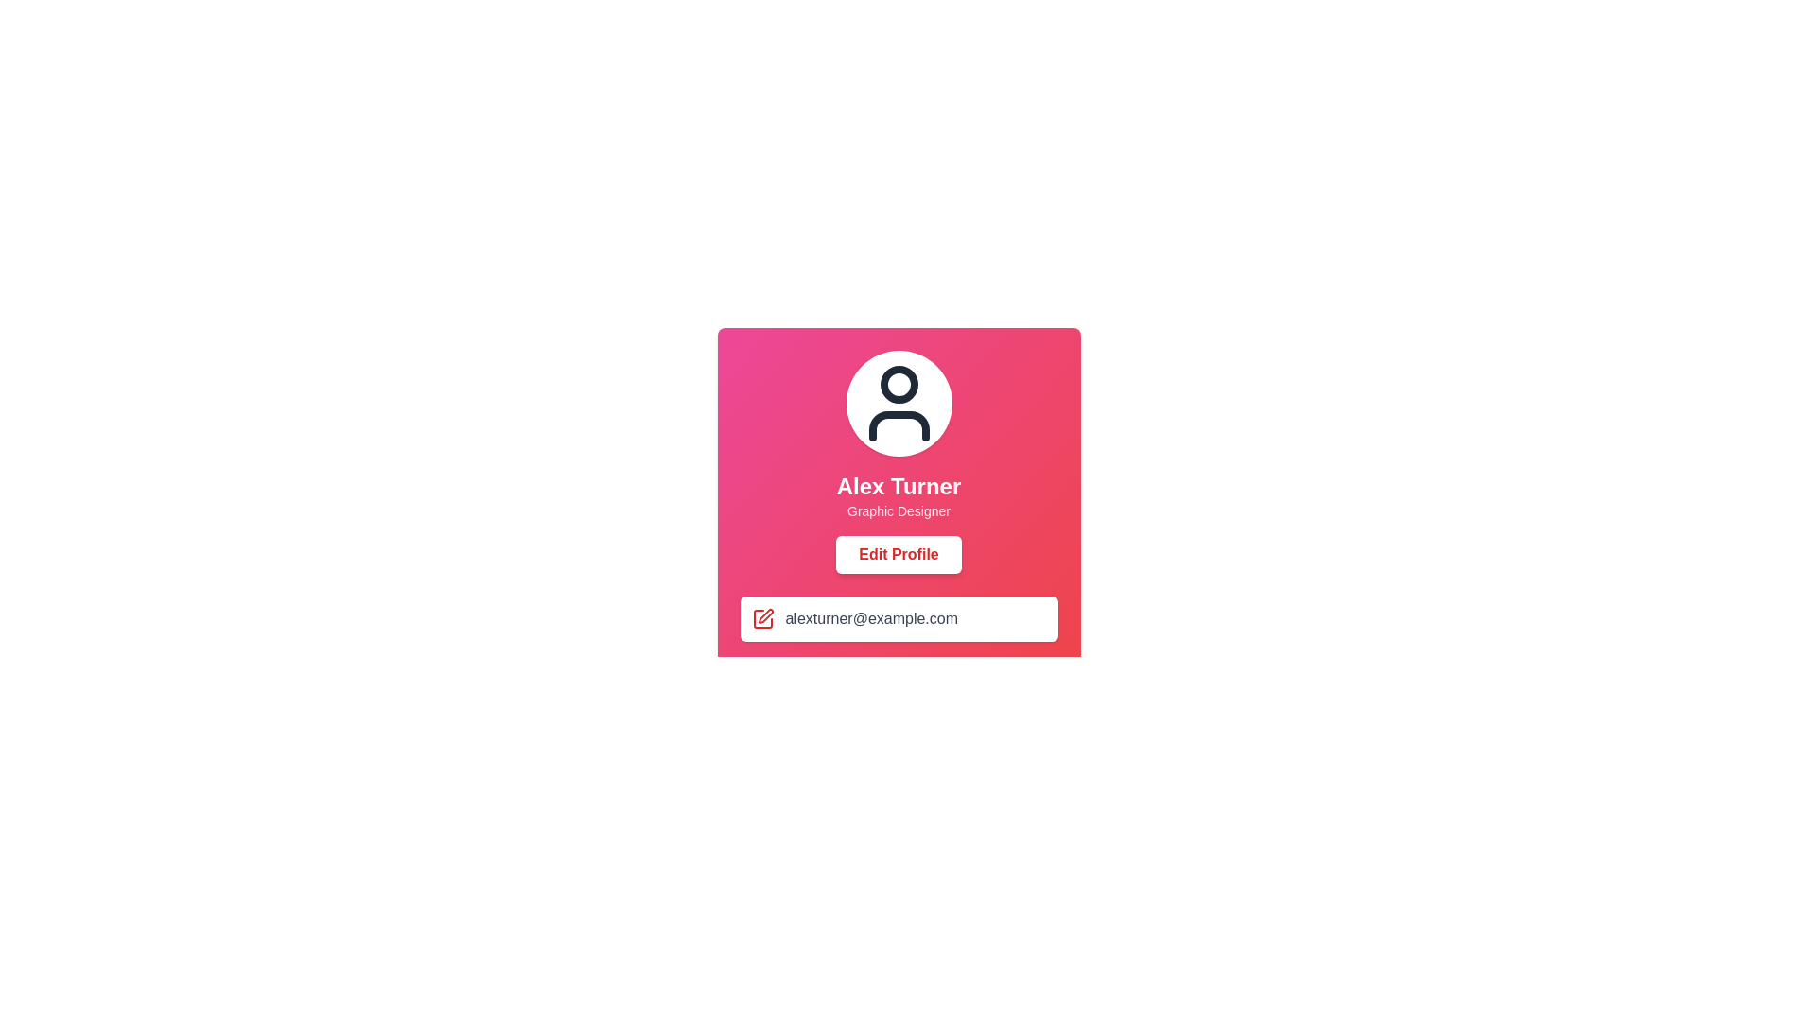 Image resolution: width=1816 pixels, height=1021 pixels. I want to click on the circular element representing the user's head in the user profile icon, located at the upper middle of the card, so click(898, 384).